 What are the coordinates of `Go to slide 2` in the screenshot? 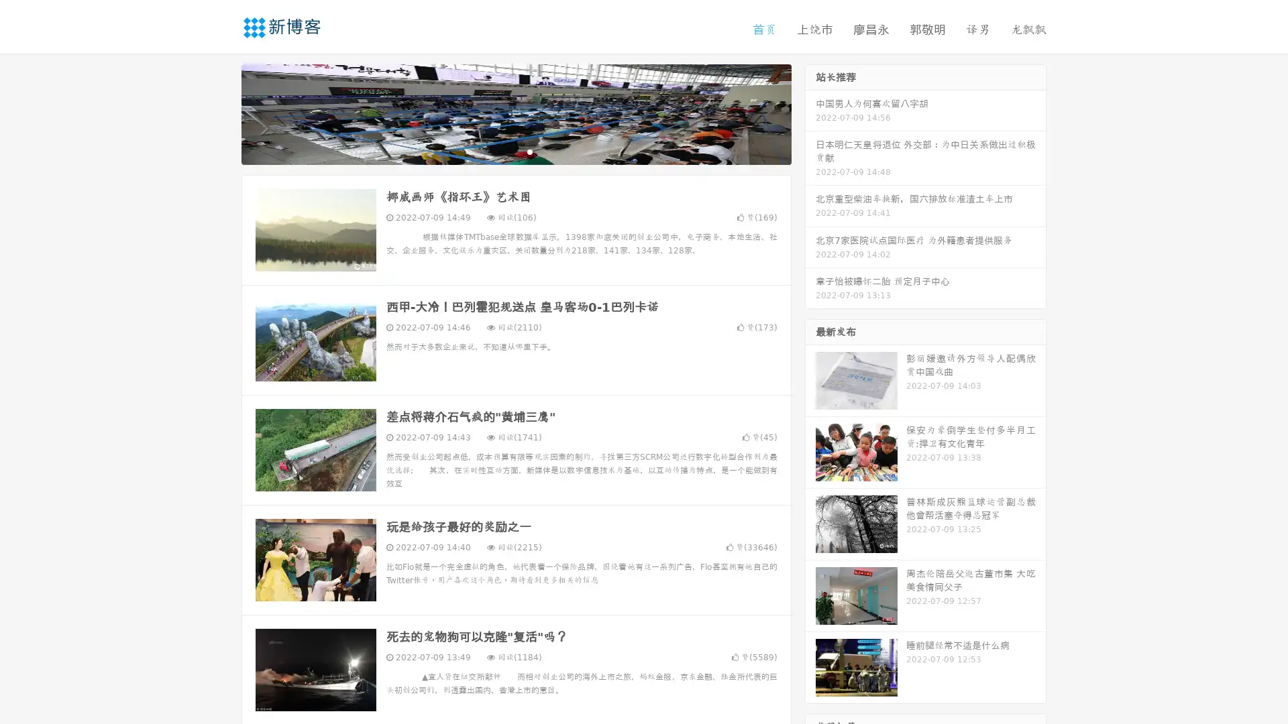 It's located at (515, 151).